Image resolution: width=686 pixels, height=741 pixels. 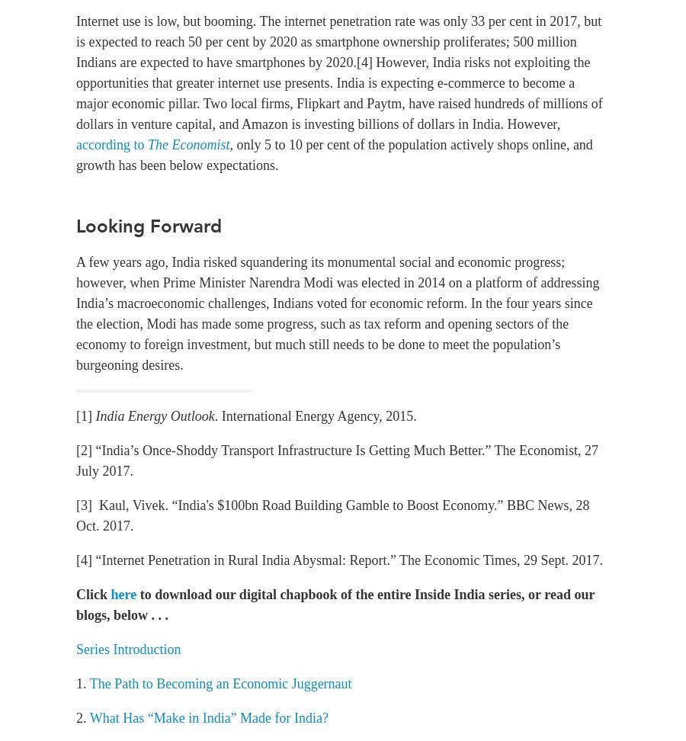 What do you see at coordinates (219, 683) in the screenshot?
I see `'The Path to Becoming an Economic Juggernaut'` at bounding box center [219, 683].